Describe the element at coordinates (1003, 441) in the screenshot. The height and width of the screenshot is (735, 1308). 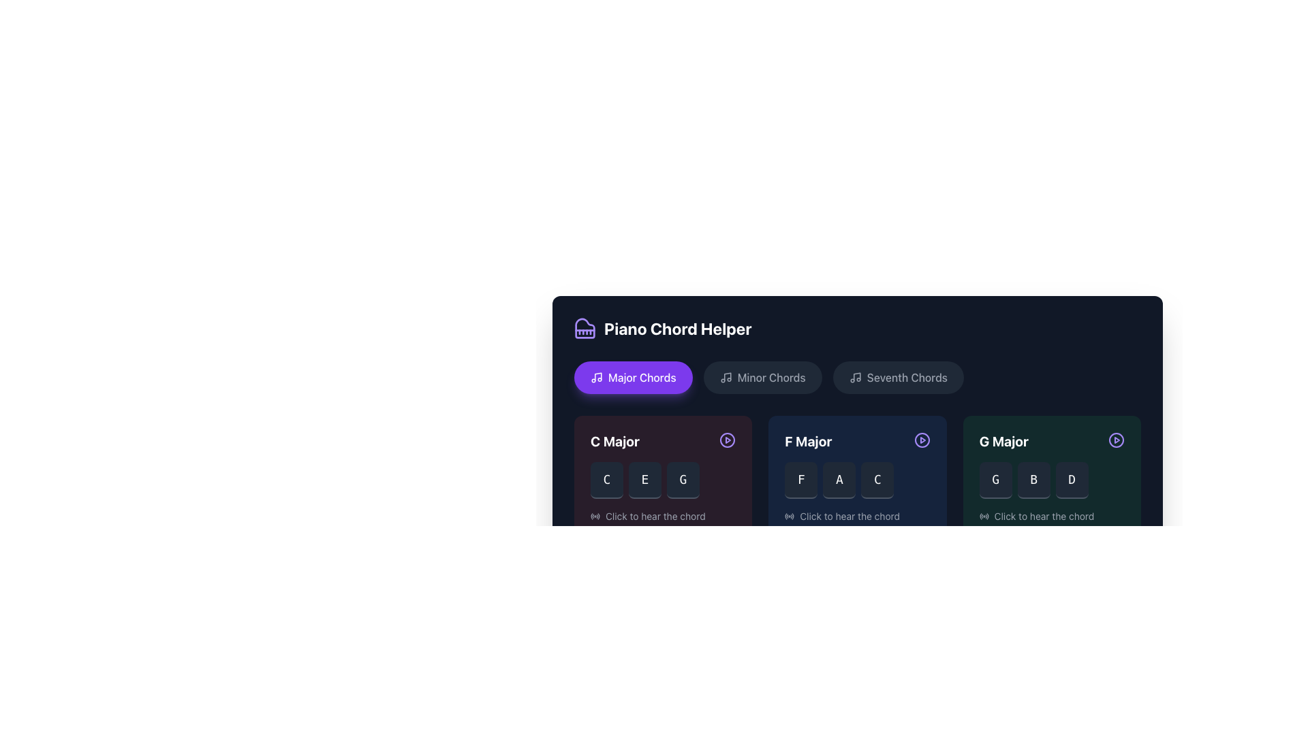
I see `the text label displaying 'G Major' in bold white font, located in the top-left corner of the G Major card` at that location.